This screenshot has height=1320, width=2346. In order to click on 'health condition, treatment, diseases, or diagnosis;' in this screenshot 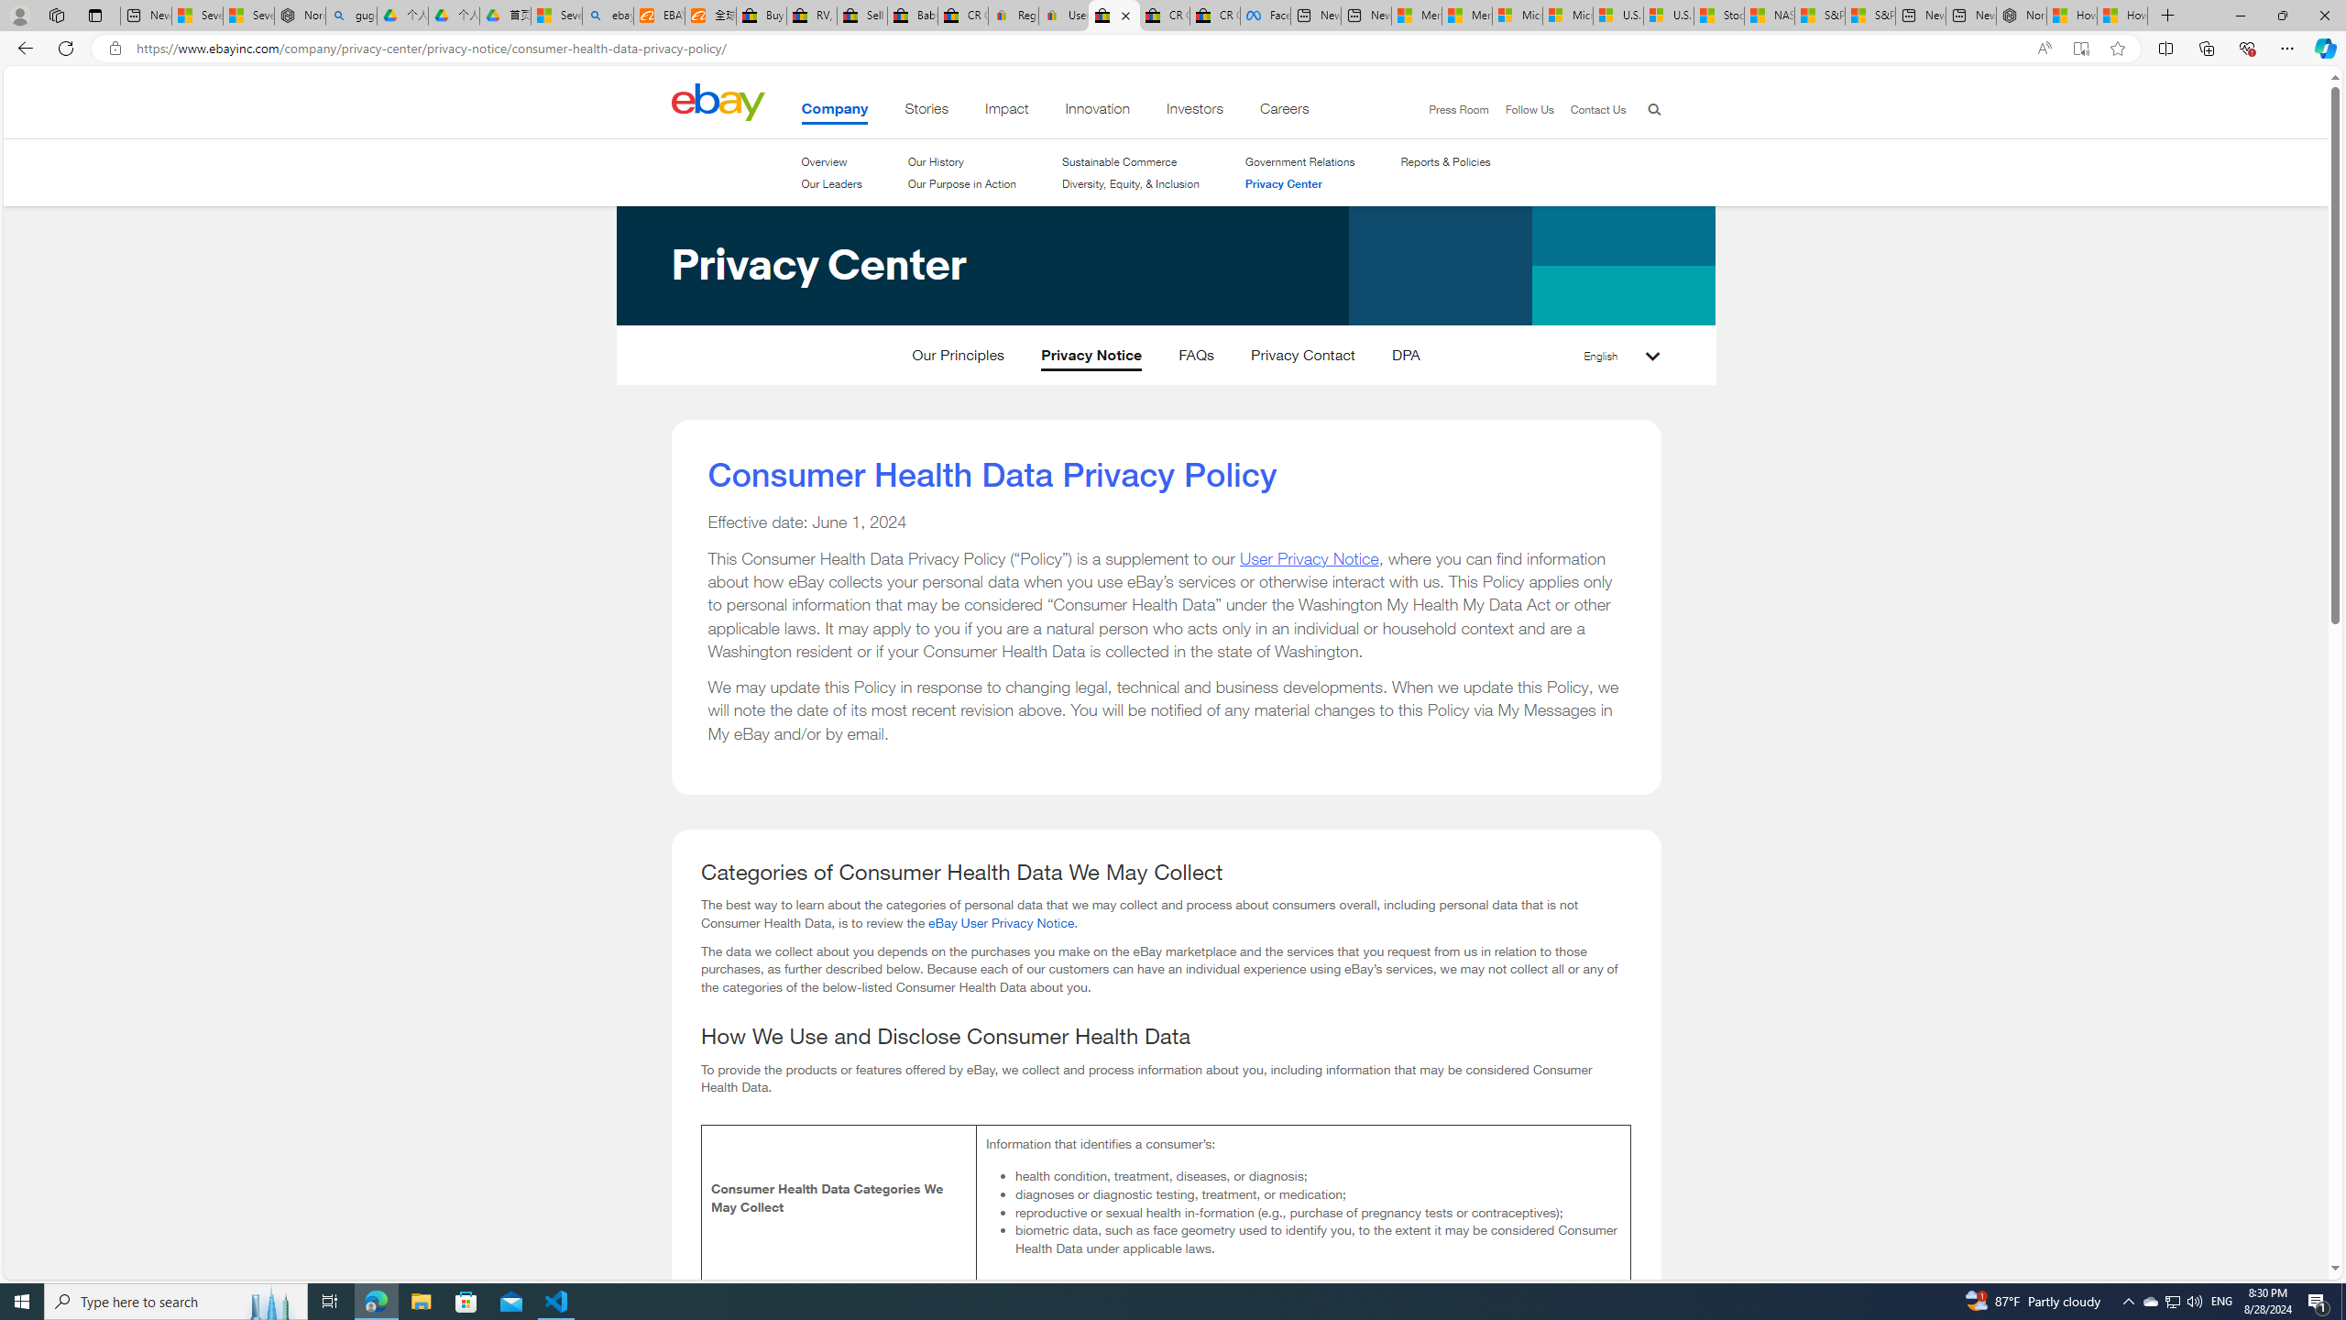, I will do `click(1316, 1175)`.